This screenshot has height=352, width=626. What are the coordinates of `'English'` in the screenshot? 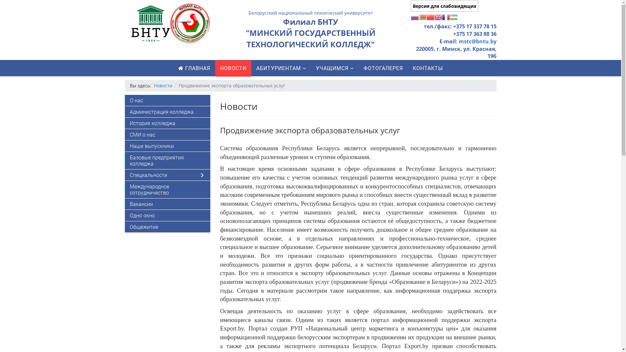 It's located at (434, 16).